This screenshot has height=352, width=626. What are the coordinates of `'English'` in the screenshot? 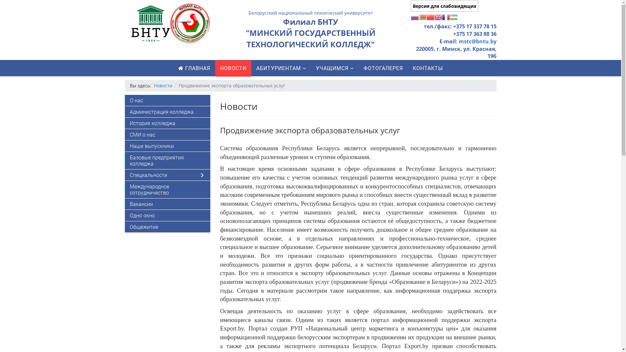 It's located at (434, 16).